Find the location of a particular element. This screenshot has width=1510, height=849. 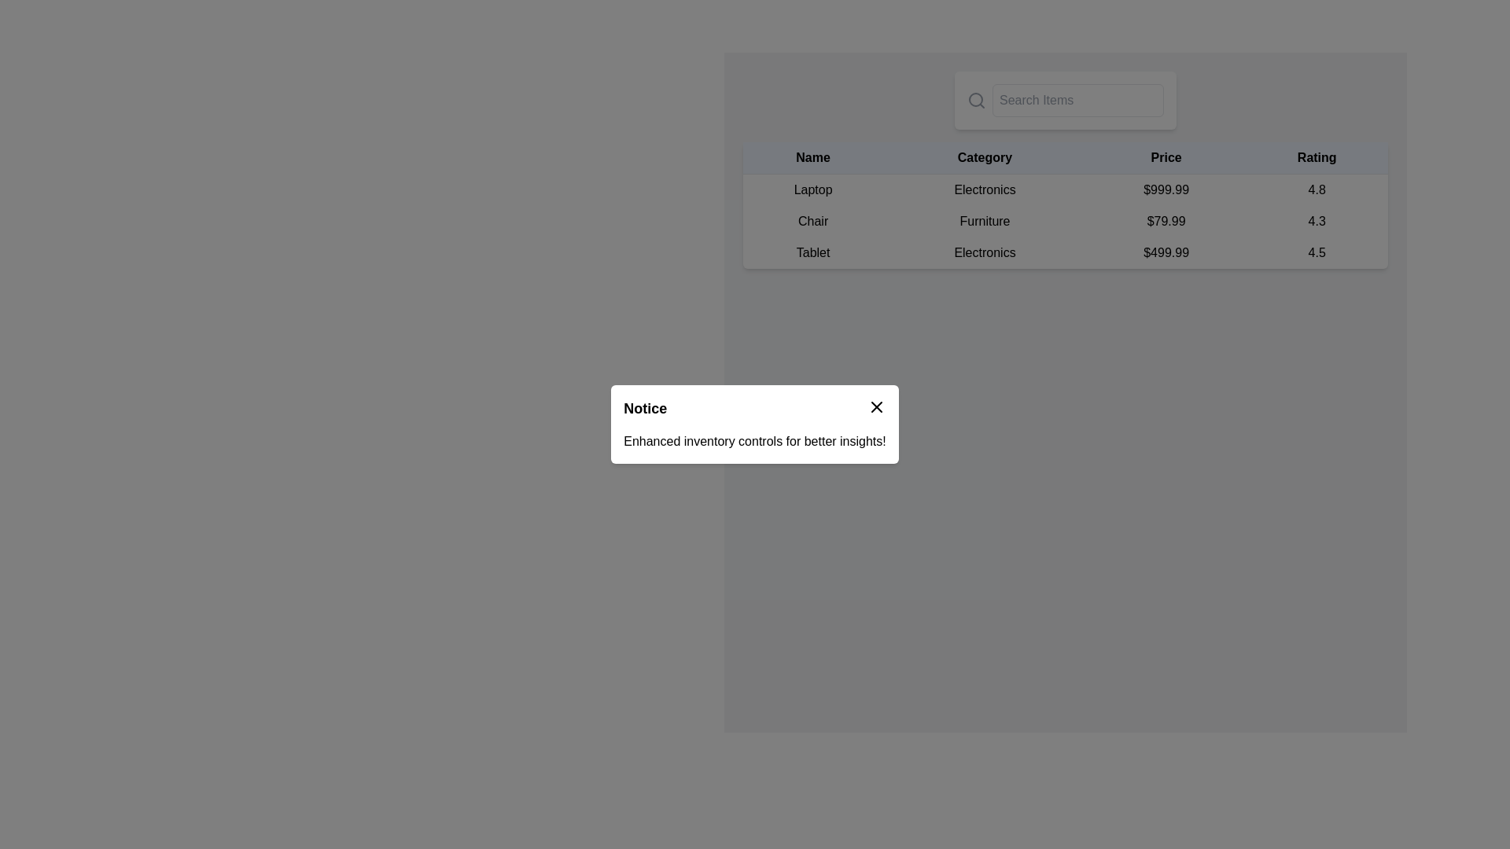

the text label displaying 'Laptop' located in the first row under the 'Name' column of the table is located at coordinates (813, 189).